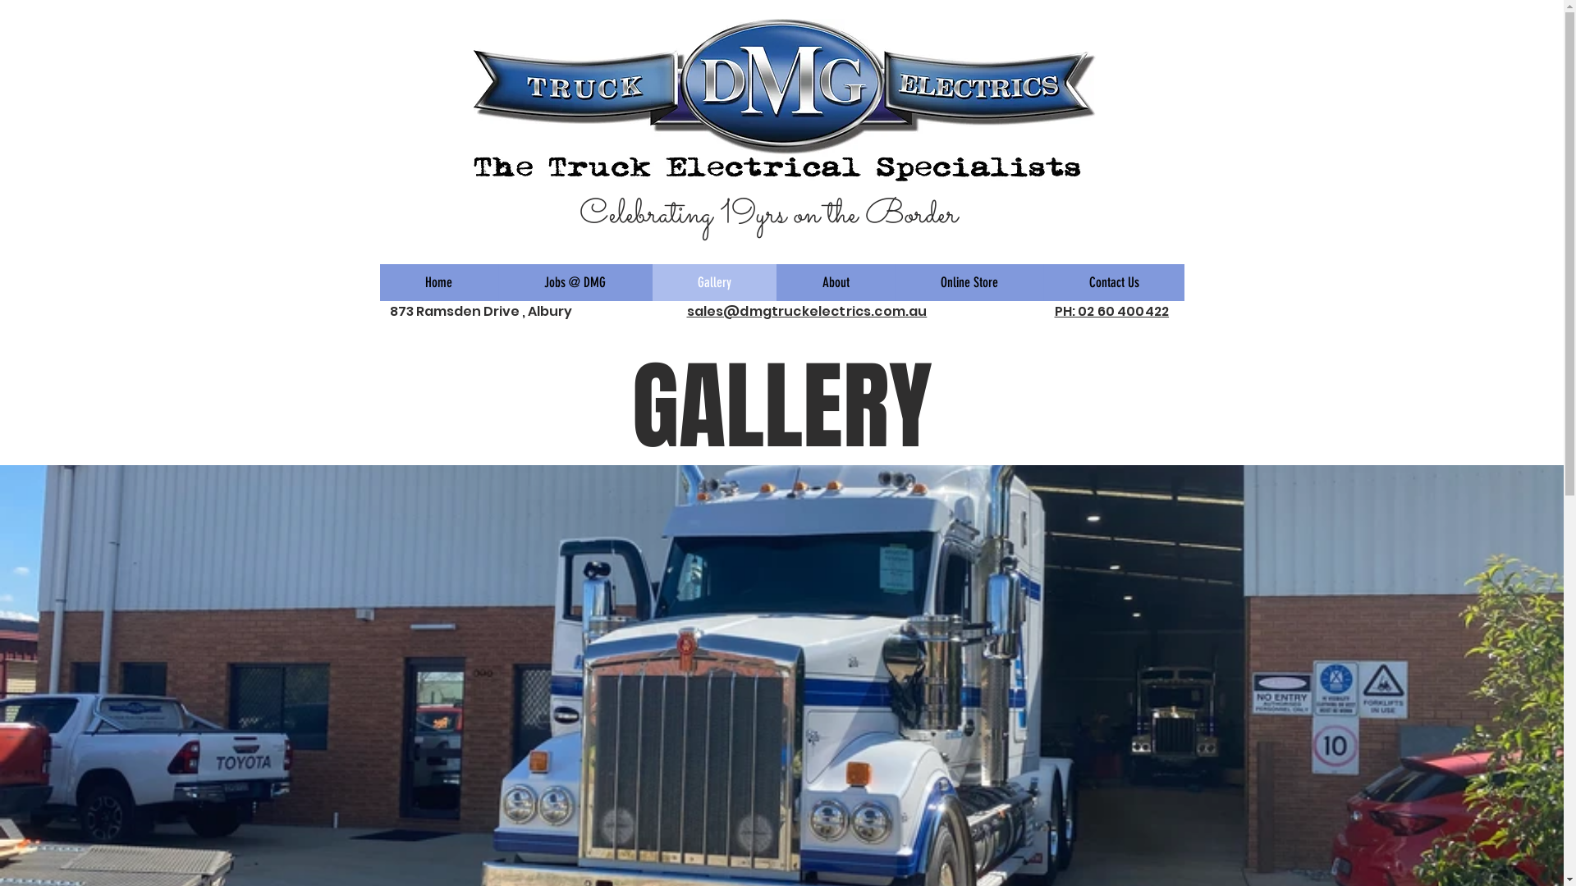 The height and width of the screenshot is (886, 1576). Describe the element at coordinates (835, 281) in the screenshot. I see `'About'` at that location.